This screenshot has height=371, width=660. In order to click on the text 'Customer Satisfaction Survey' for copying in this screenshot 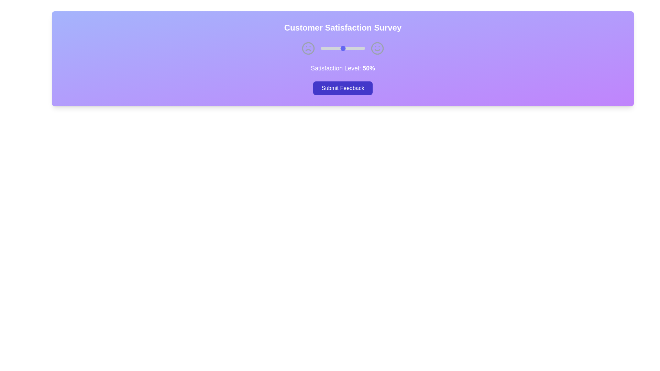, I will do `click(343, 27)`.